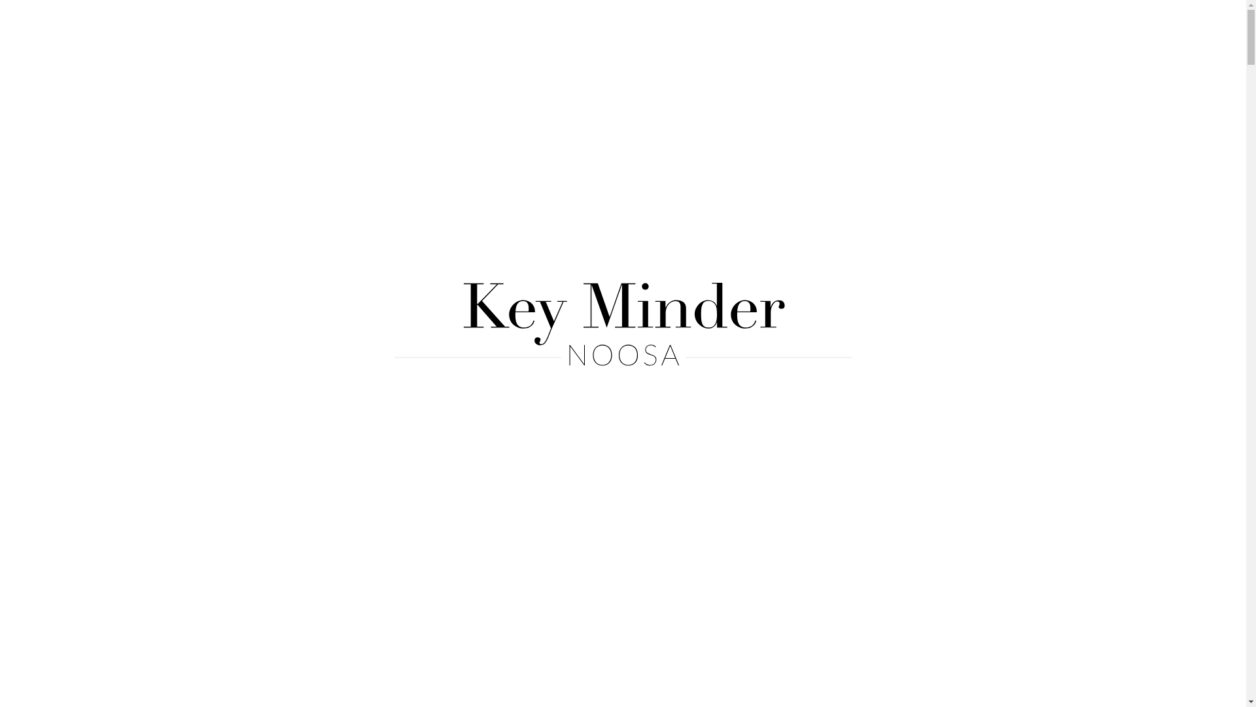 The image size is (1256, 707). Describe the element at coordinates (621, 324) in the screenshot. I see `'Key Minder Noosa'` at that location.